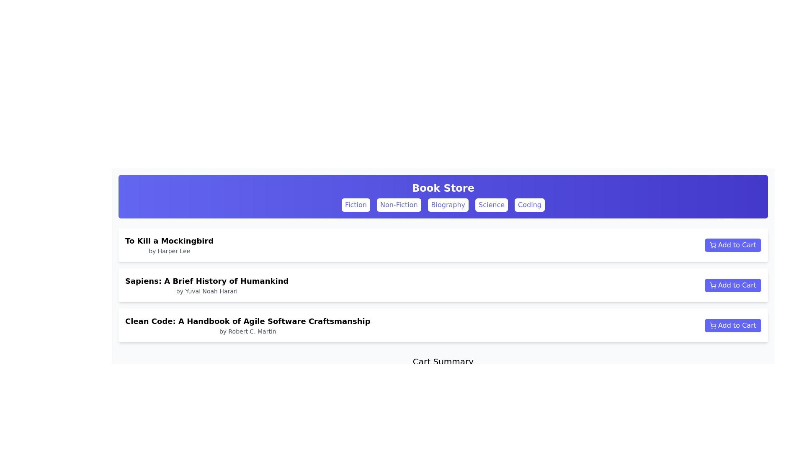 The width and height of the screenshot is (804, 452). What do you see at coordinates (398, 205) in the screenshot?
I see `the 'Non-Fiction' button, which is a rectangular button with a white background and indigo text` at bounding box center [398, 205].